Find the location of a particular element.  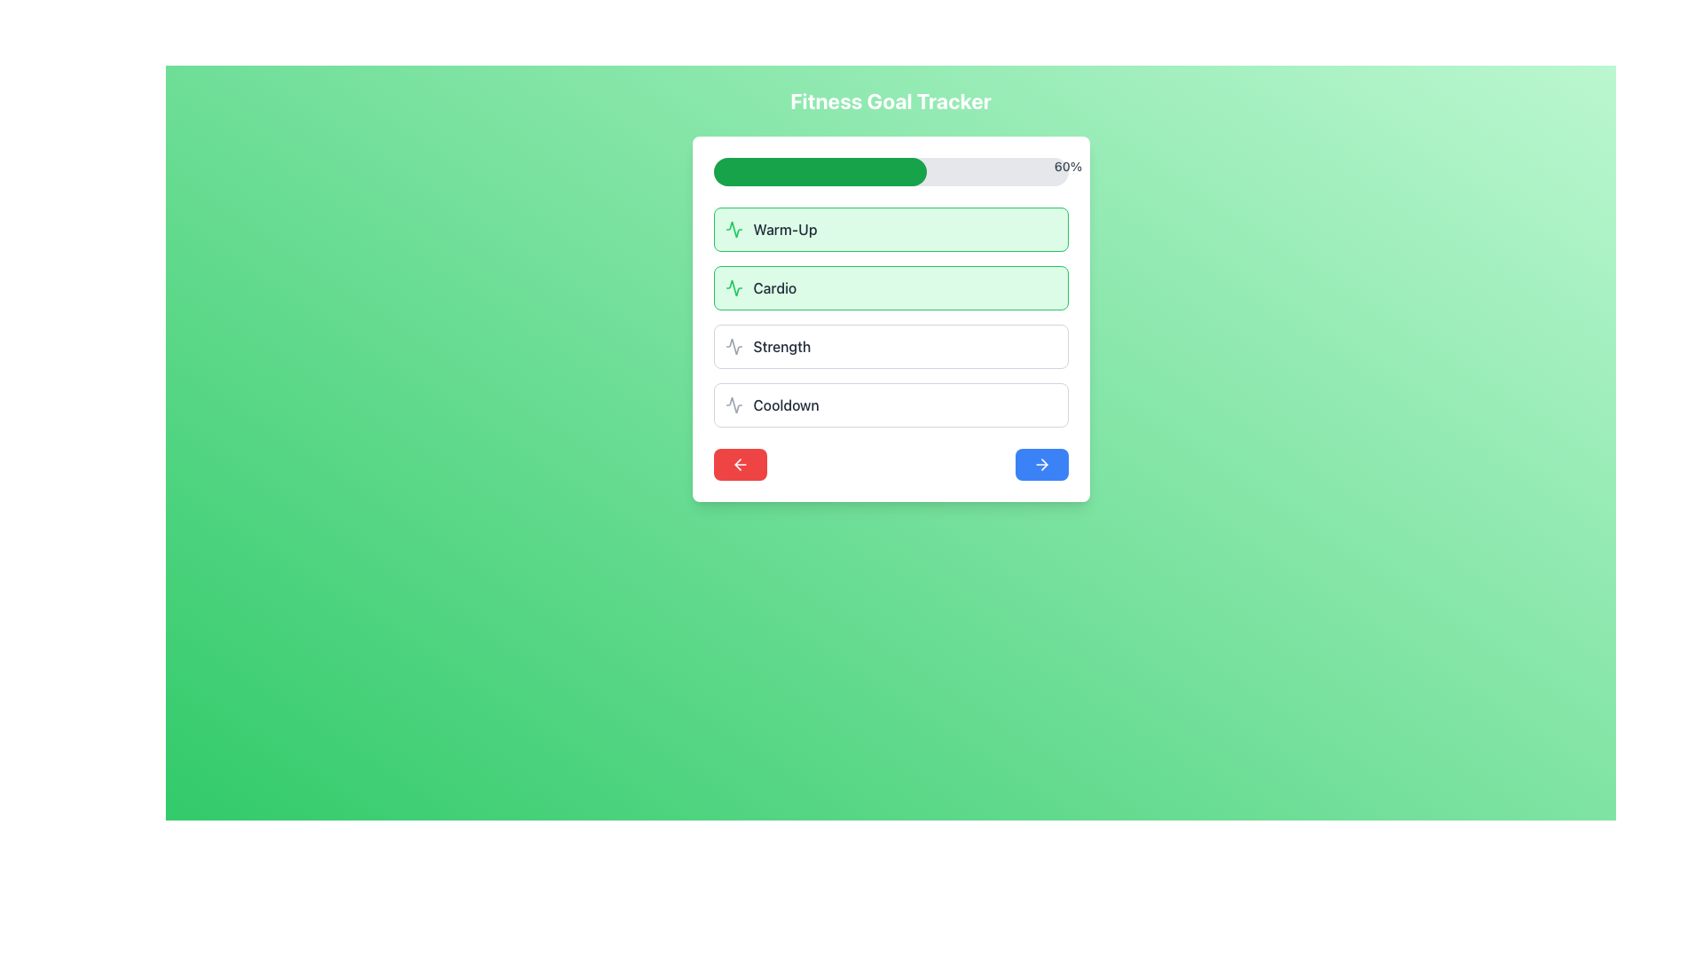

the SVG graphic icon representing the list entry labeled 'Strength', which is the third item in a vertical list of exercise types is located at coordinates (734, 346).